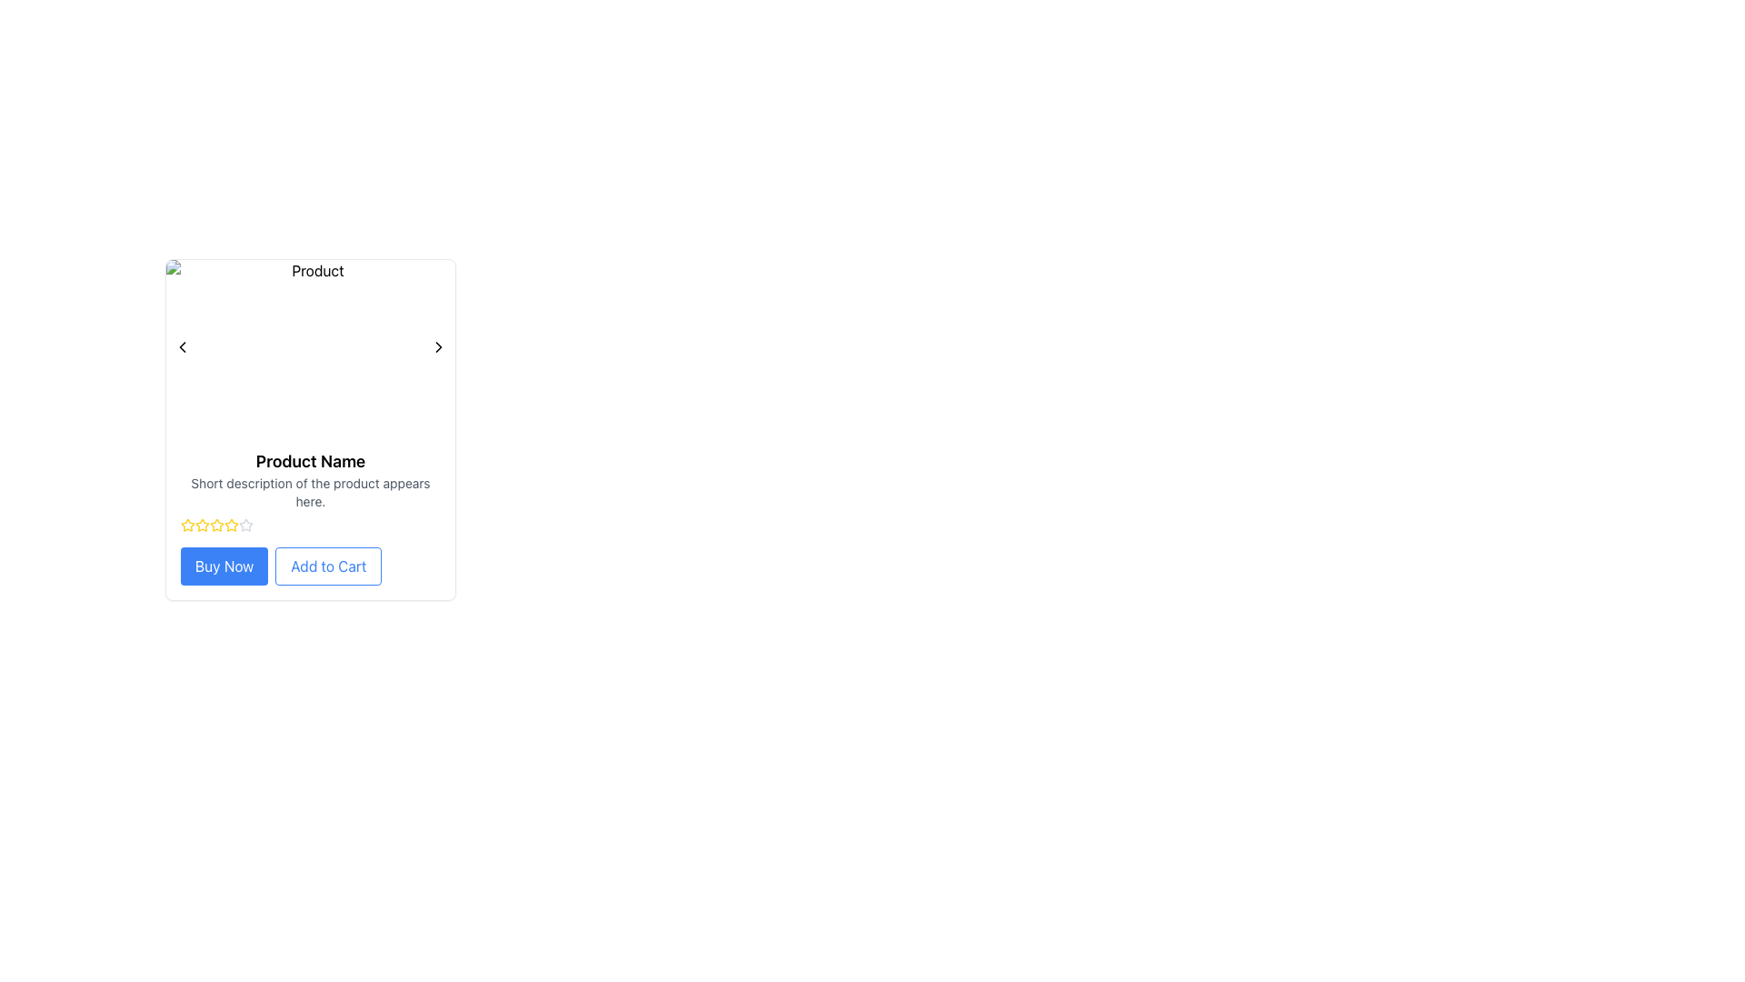 Image resolution: width=1745 pixels, height=982 pixels. Describe the element at coordinates (310, 566) in the screenshot. I see `the 'Add to Cart' button, which is bordered in blue with blue text and located below the product rating` at that location.